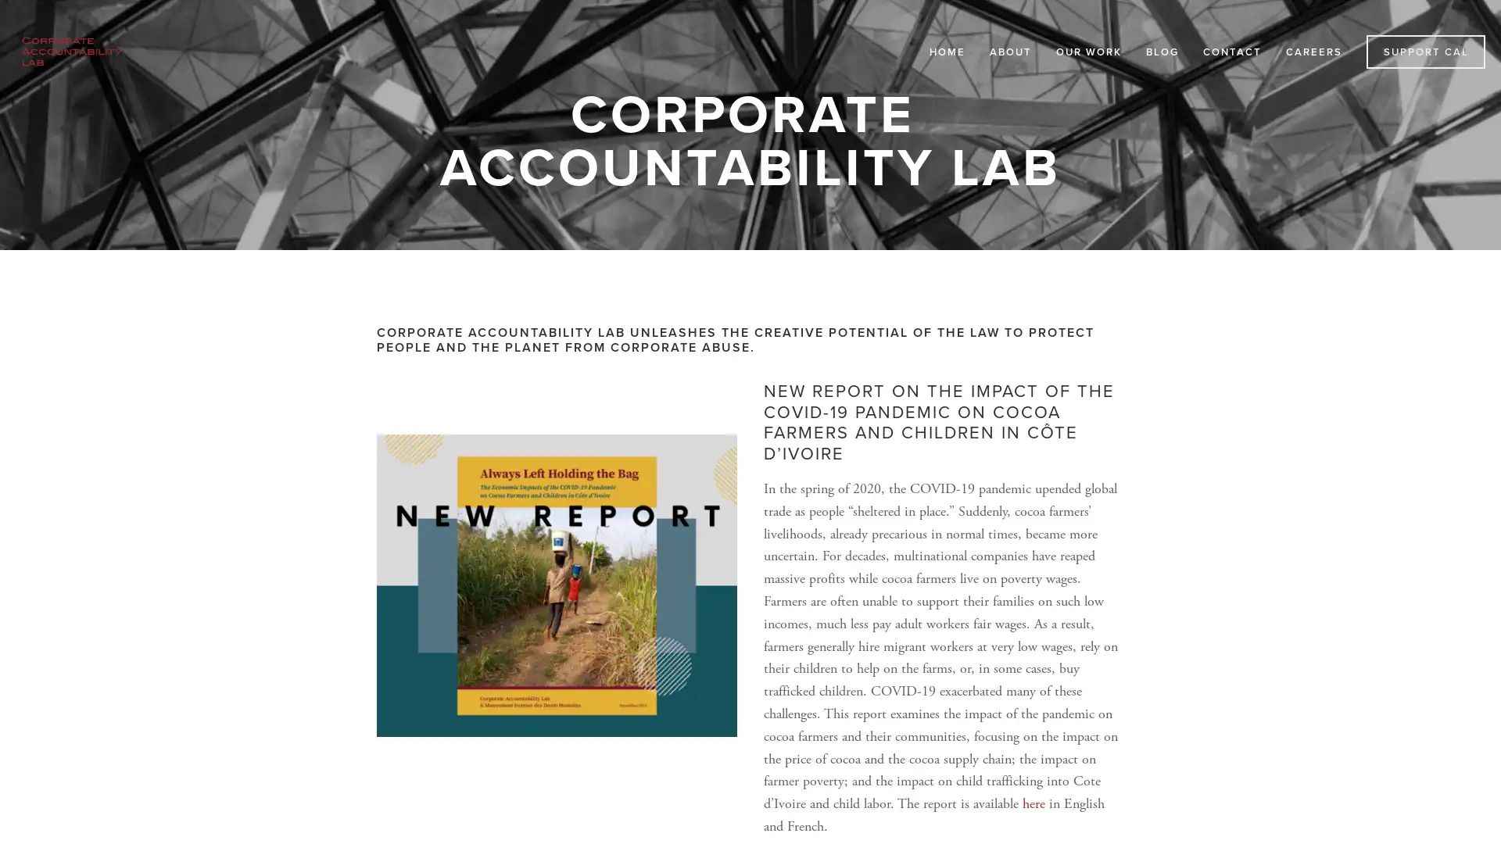 This screenshot has width=1501, height=844. Describe the element at coordinates (883, 411) in the screenshot. I see `Subscribe` at that location.